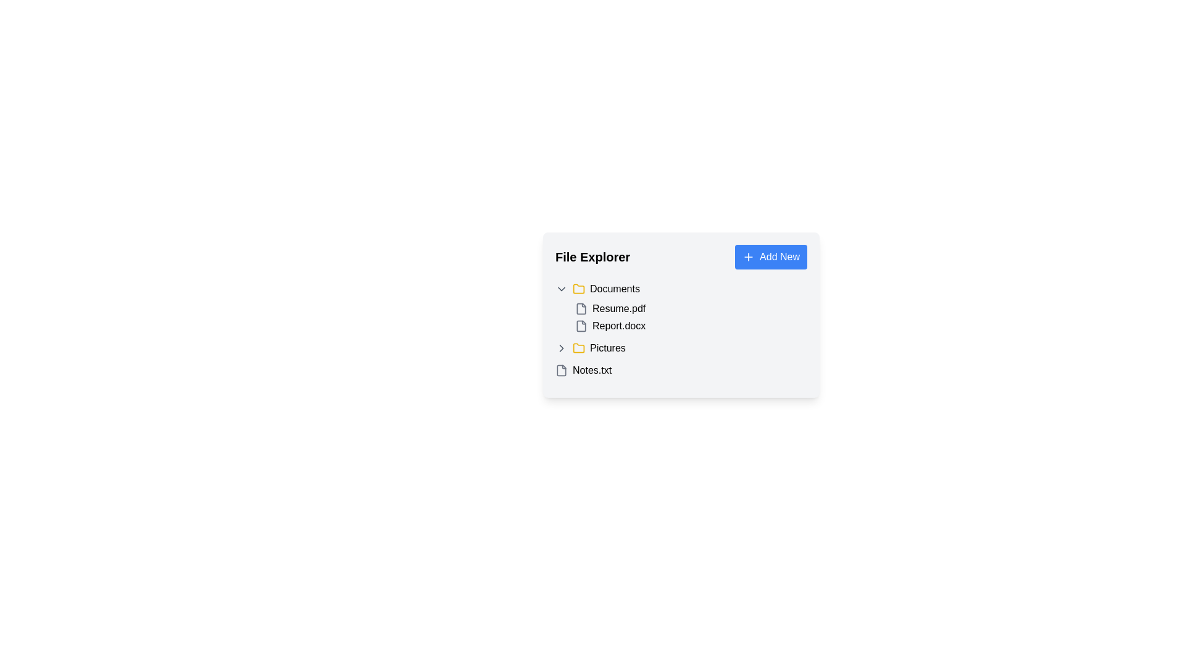  What do you see at coordinates (578, 347) in the screenshot?
I see `the folder icon representing 'Pictures'` at bounding box center [578, 347].